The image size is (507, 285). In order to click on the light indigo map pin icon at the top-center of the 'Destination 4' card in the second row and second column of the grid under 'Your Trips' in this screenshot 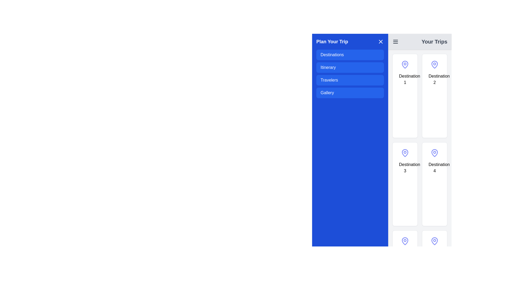, I will do `click(435, 153)`.